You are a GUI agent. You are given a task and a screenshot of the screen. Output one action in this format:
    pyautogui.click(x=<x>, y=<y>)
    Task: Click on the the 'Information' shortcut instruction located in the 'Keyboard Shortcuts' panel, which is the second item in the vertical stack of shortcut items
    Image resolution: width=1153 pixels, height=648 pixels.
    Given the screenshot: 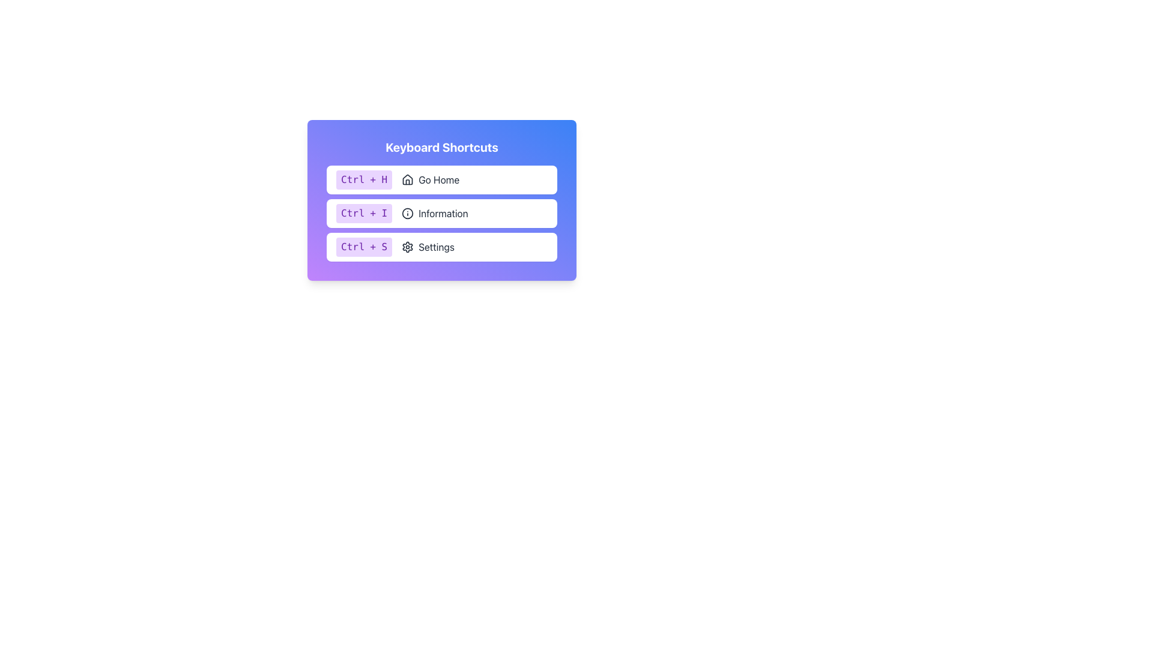 What is the action you would take?
    pyautogui.click(x=441, y=212)
    